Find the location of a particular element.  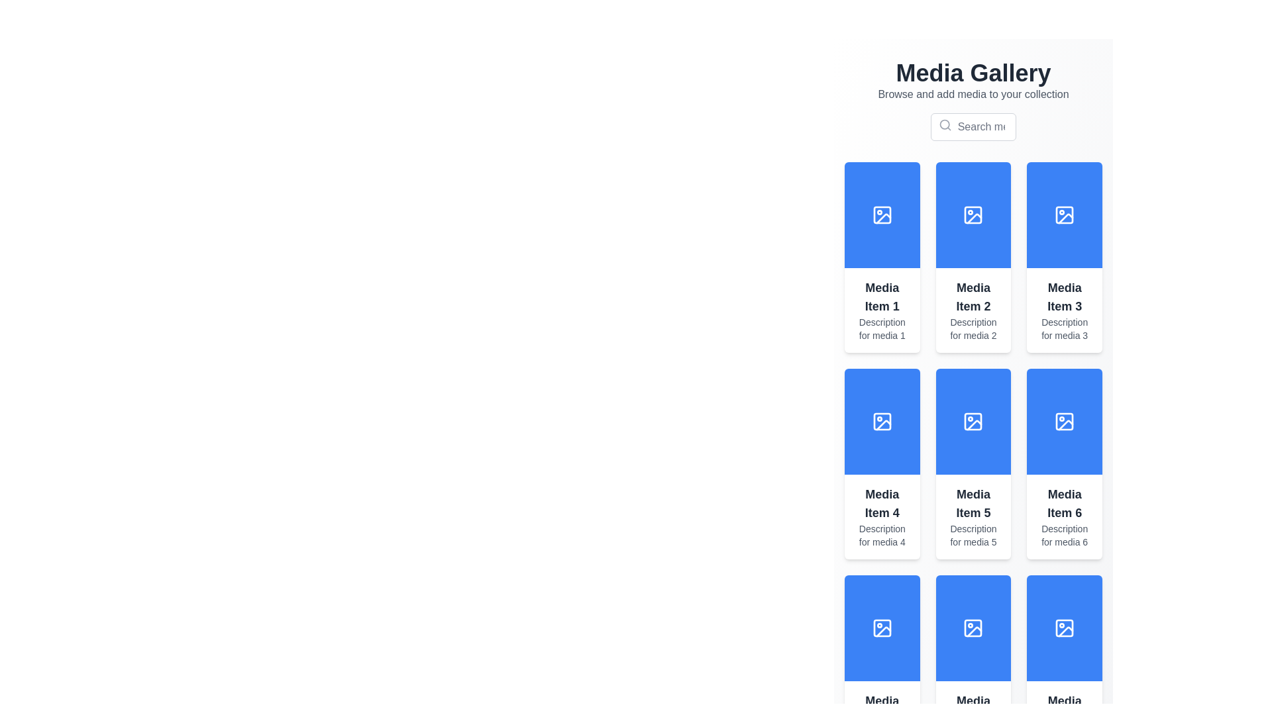

the third media item card in the gallery is located at coordinates (1065, 258).